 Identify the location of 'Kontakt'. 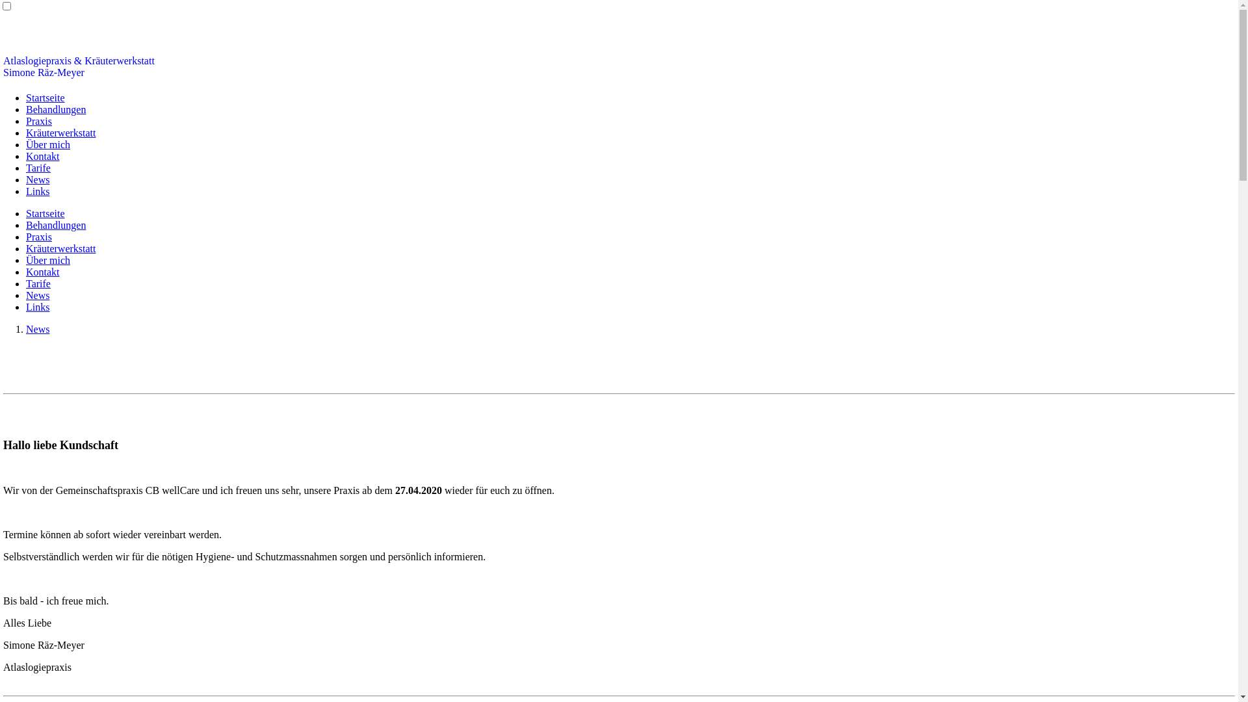
(43, 155).